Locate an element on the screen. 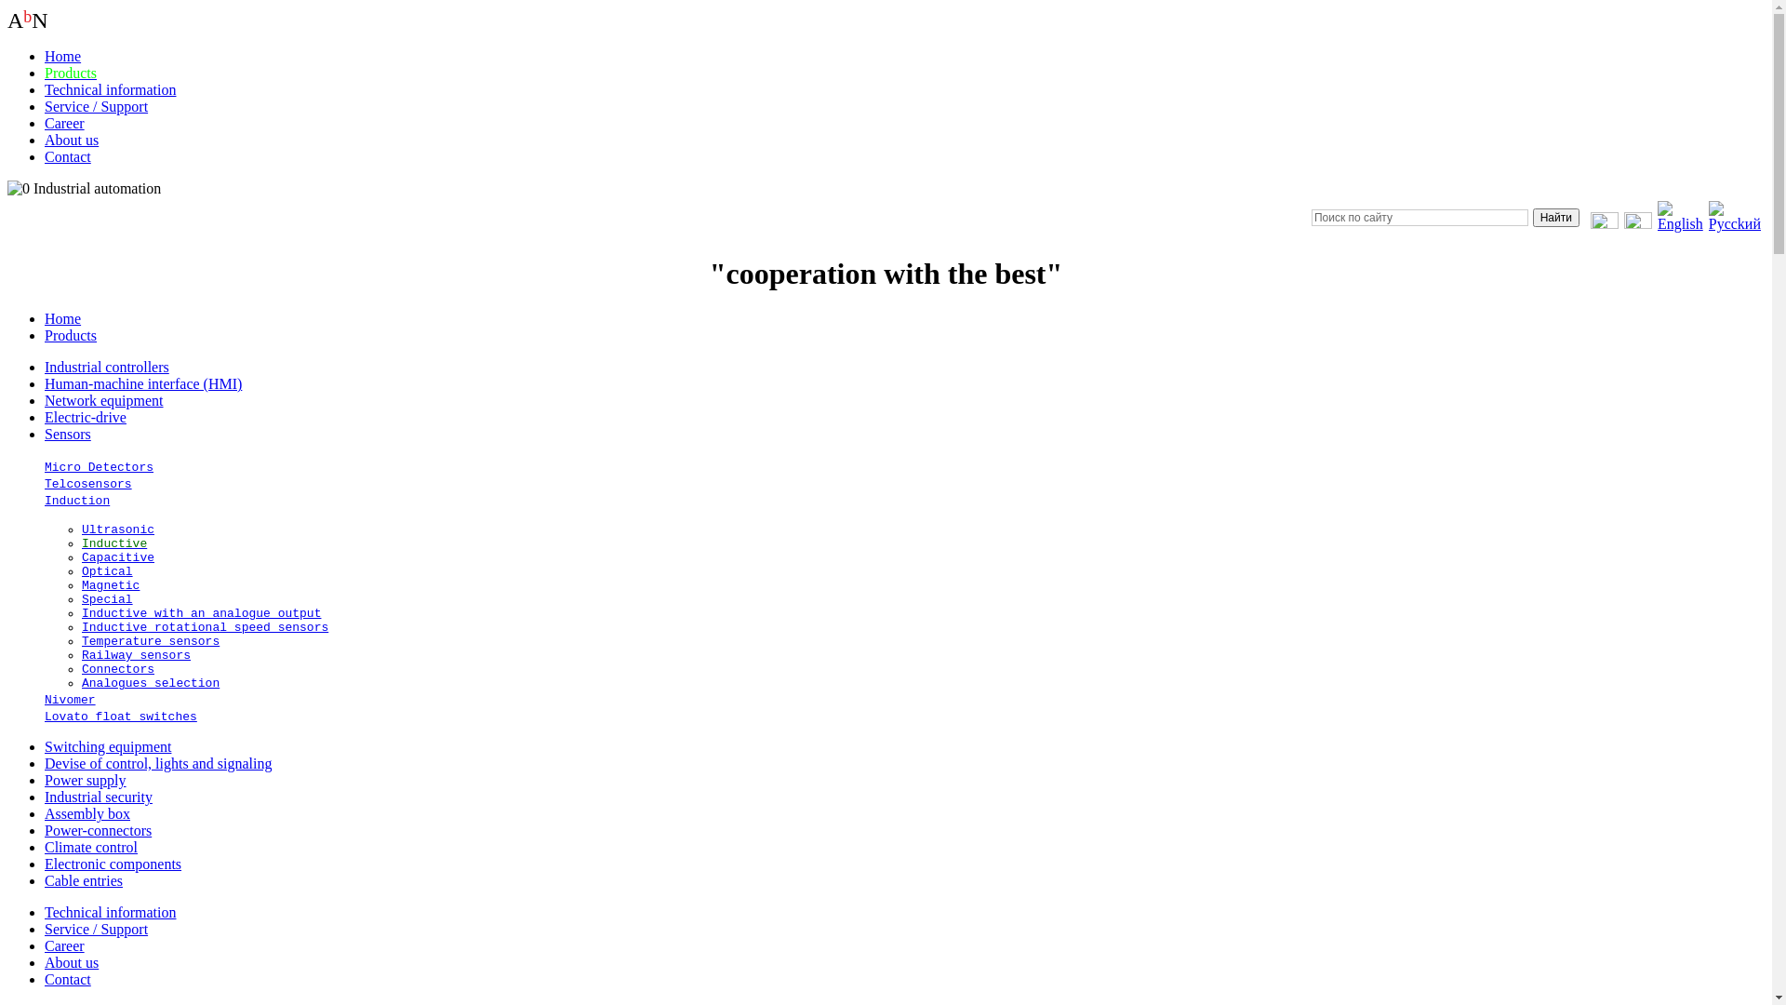 This screenshot has width=1786, height=1005. 'Career' is located at coordinates (64, 123).